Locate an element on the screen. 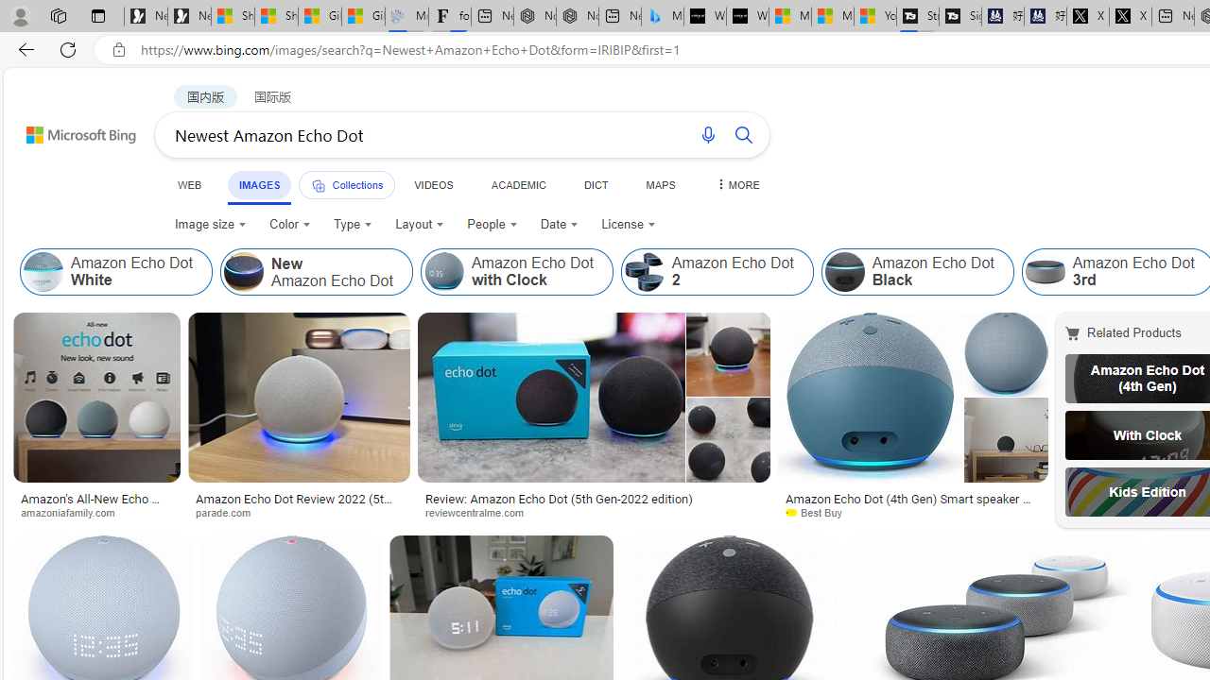 Image resolution: width=1210 pixels, height=680 pixels. 'Layout' is located at coordinates (419, 223).